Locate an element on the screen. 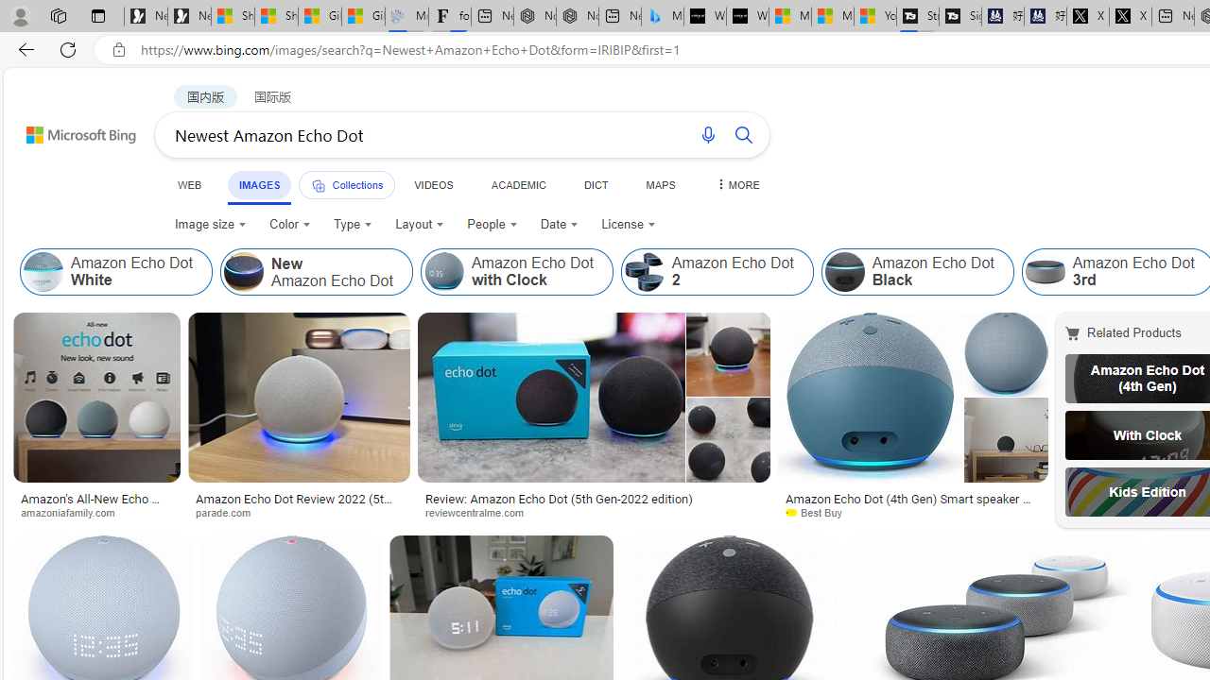 Image resolution: width=1210 pixels, height=680 pixels. 'Layout' is located at coordinates (419, 223).